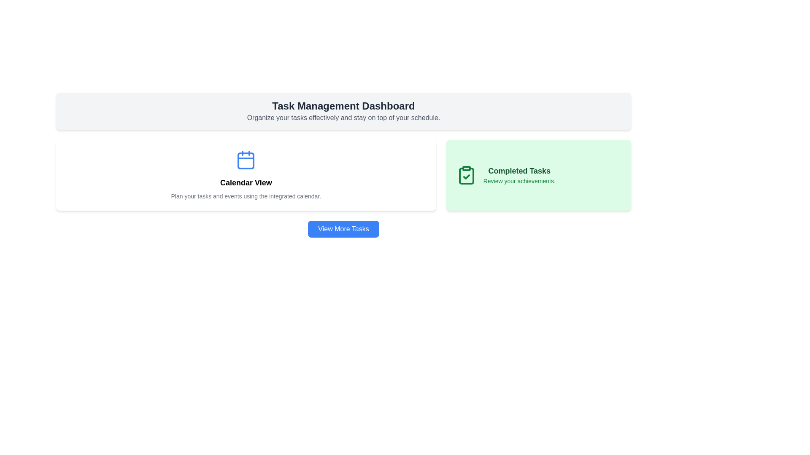  Describe the element at coordinates (519, 175) in the screenshot. I see `the text block displaying 'Completed Tasks' and 'Review your achievements' located in the top-right section of the light green rectangular panel` at that location.